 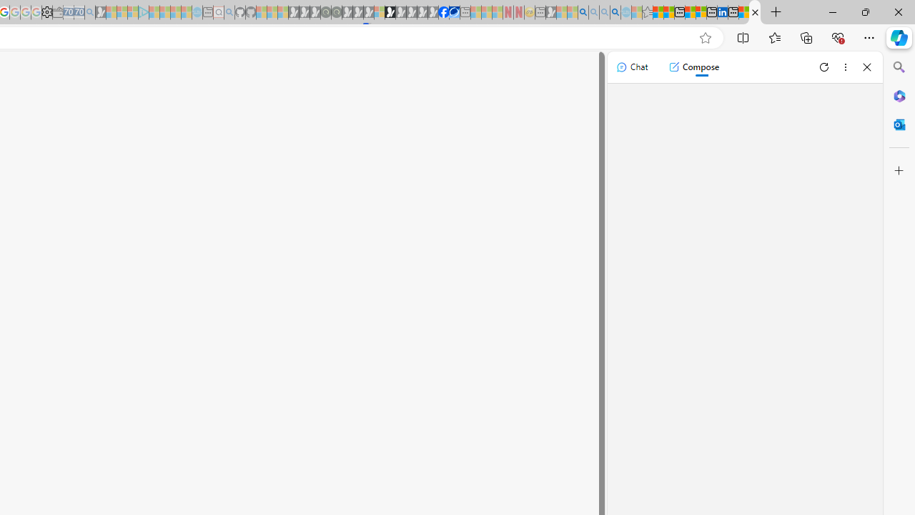 I want to click on 'Aberdeen, Hong Kong SAR weather forecast | Microsoft Weather', so click(x=668, y=12).